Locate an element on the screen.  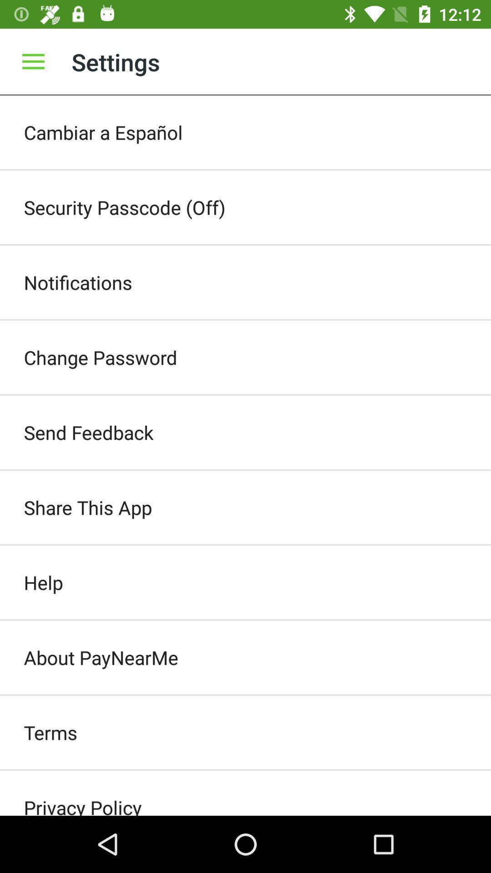
the icon above send feedback item is located at coordinates (245, 357).